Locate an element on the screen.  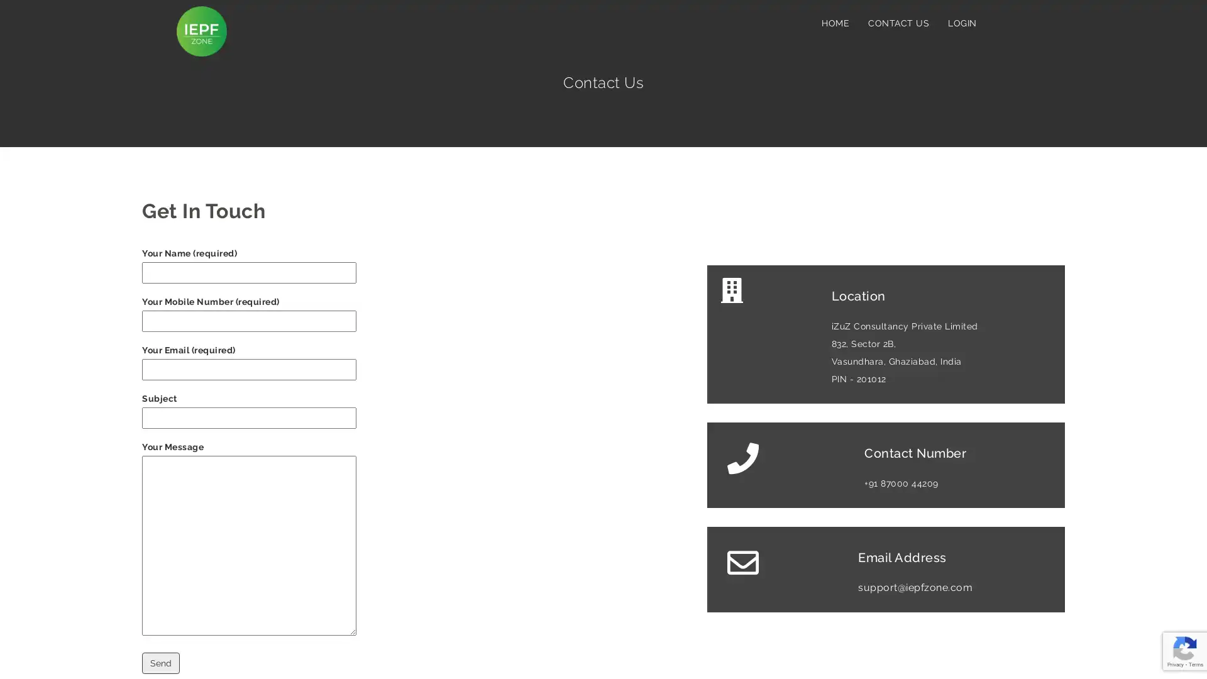
Send is located at coordinates (160, 663).